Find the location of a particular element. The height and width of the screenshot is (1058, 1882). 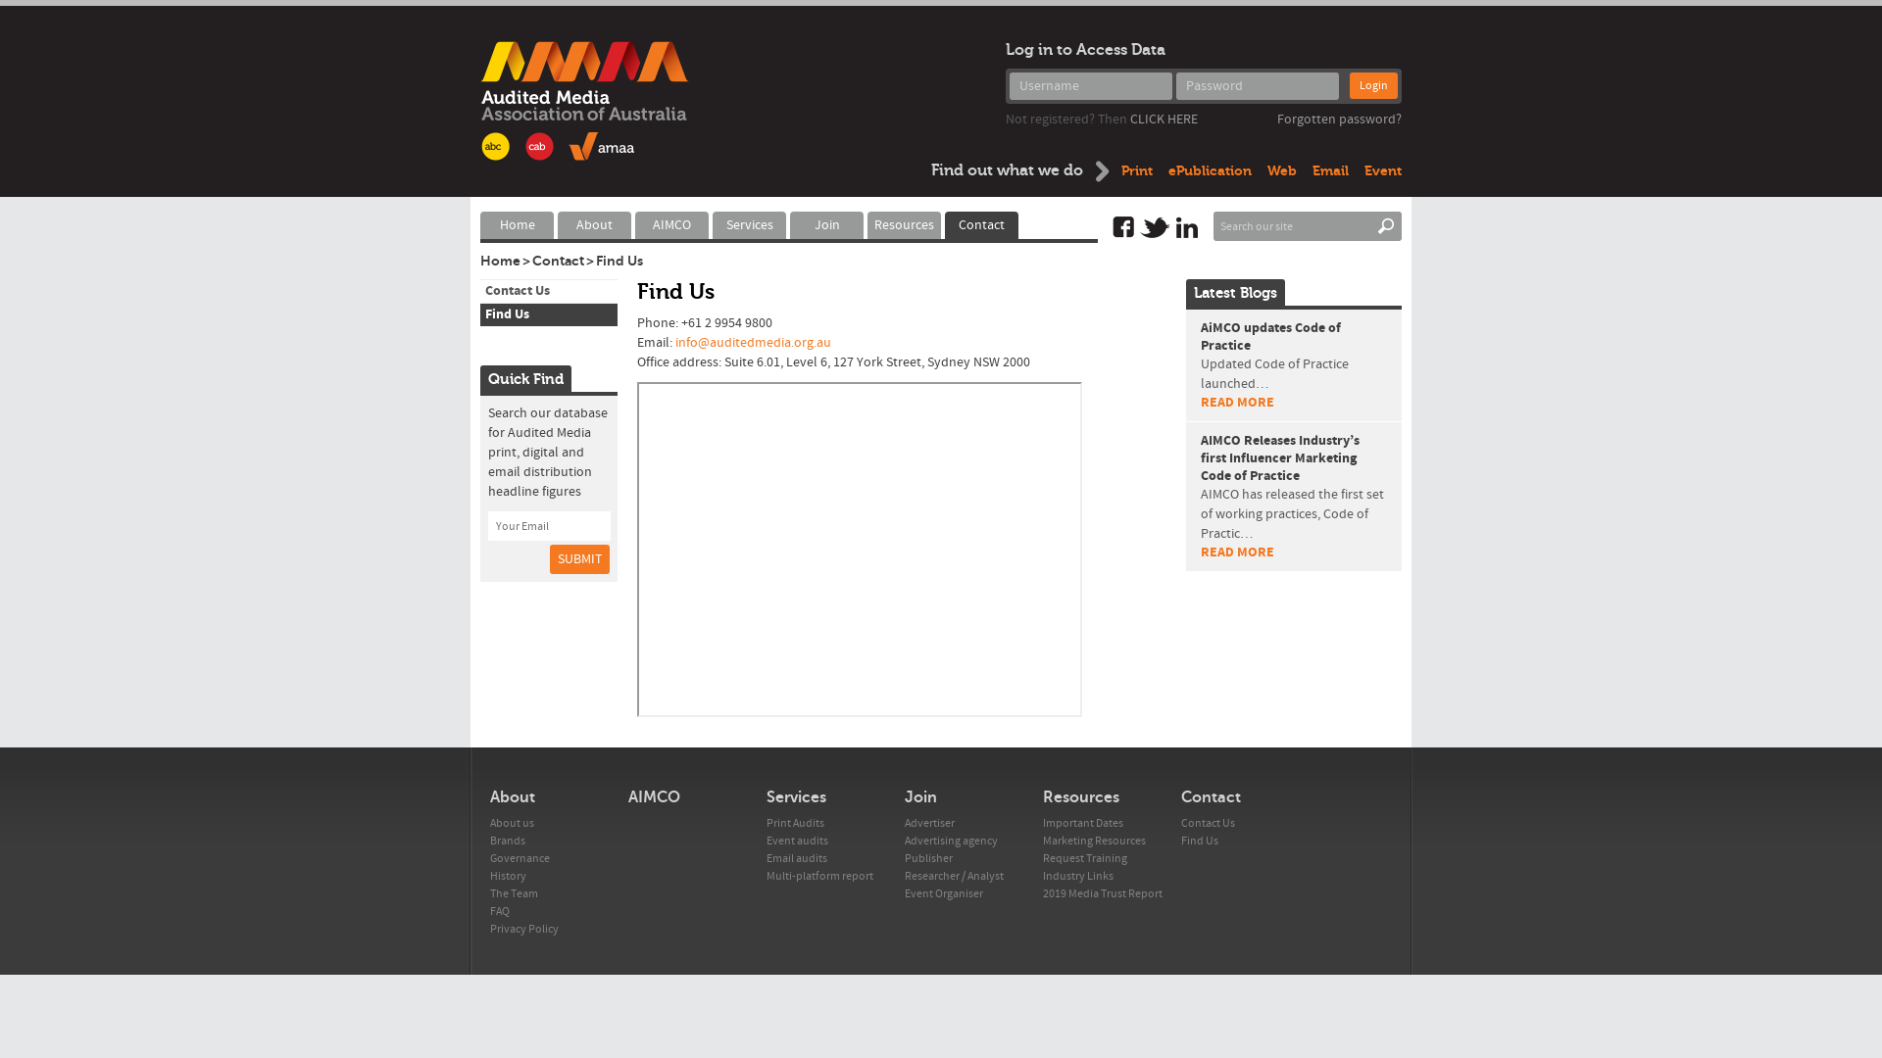

'Advertising agency' is located at coordinates (903, 840).